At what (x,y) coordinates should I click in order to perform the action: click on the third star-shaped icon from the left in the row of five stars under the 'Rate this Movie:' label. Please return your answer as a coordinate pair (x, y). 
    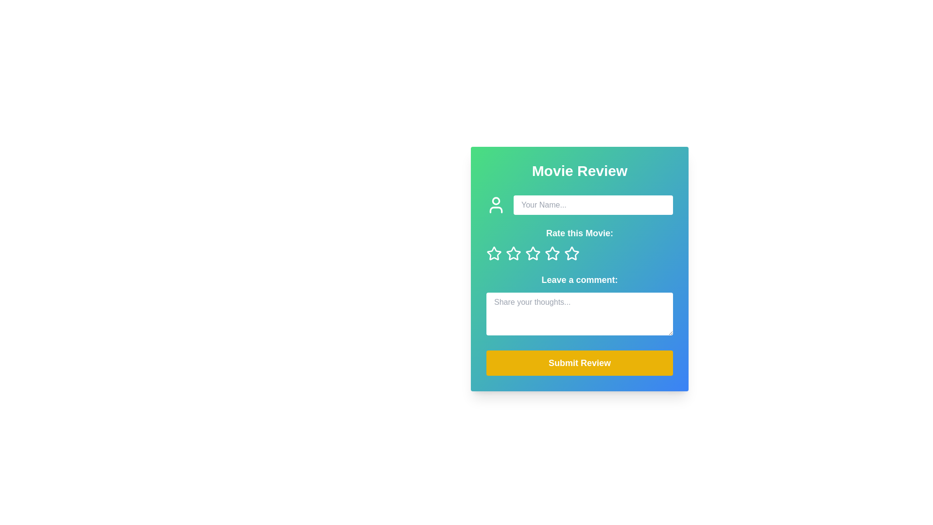
    Looking at the image, I should click on (533, 253).